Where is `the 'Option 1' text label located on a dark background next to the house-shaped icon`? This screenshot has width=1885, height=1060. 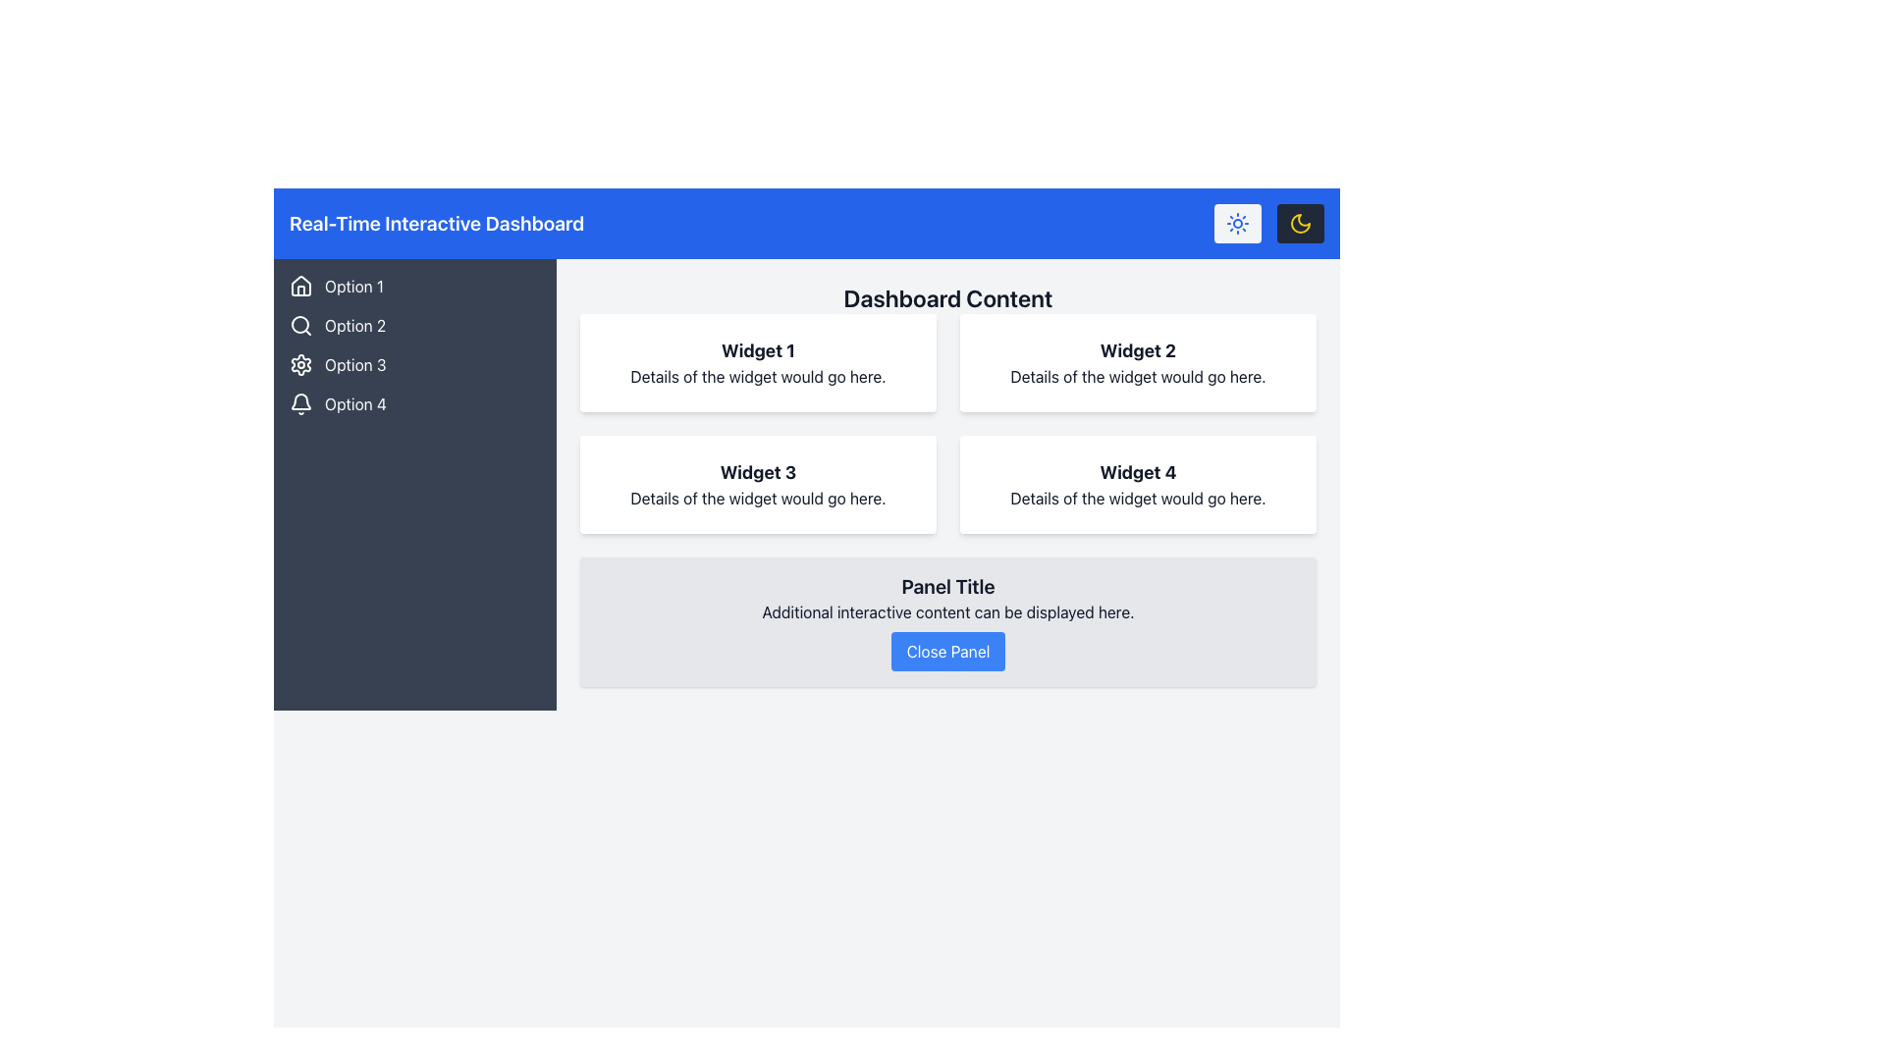 the 'Option 1' text label located on a dark background next to the house-shaped icon is located at coordinates (353, 287).